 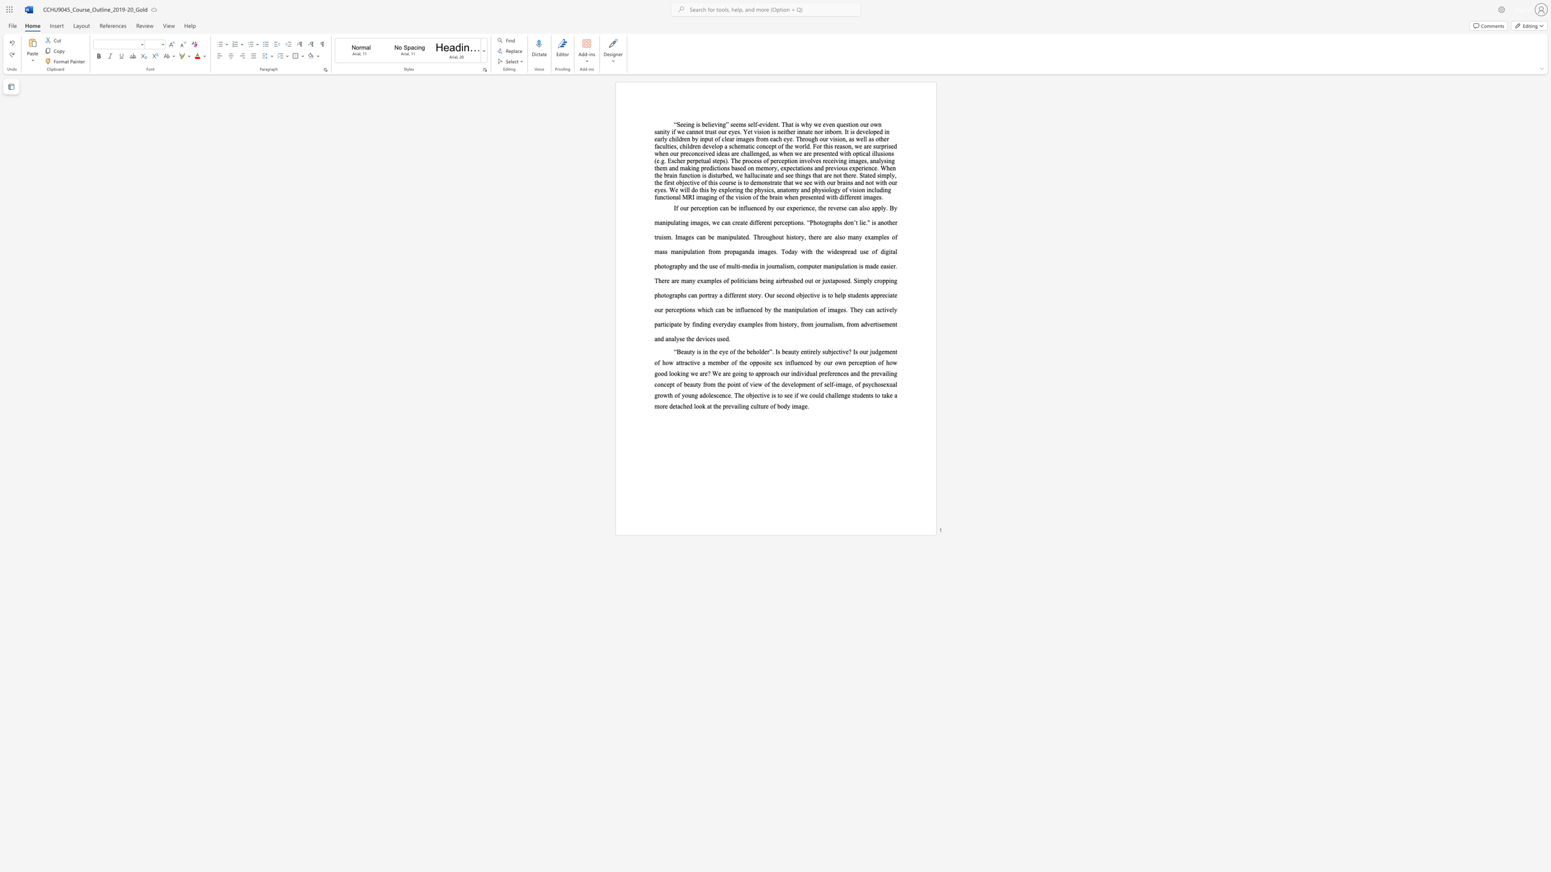 I want to click on the 15th character "e" in the text, so click(x=757, y=309).